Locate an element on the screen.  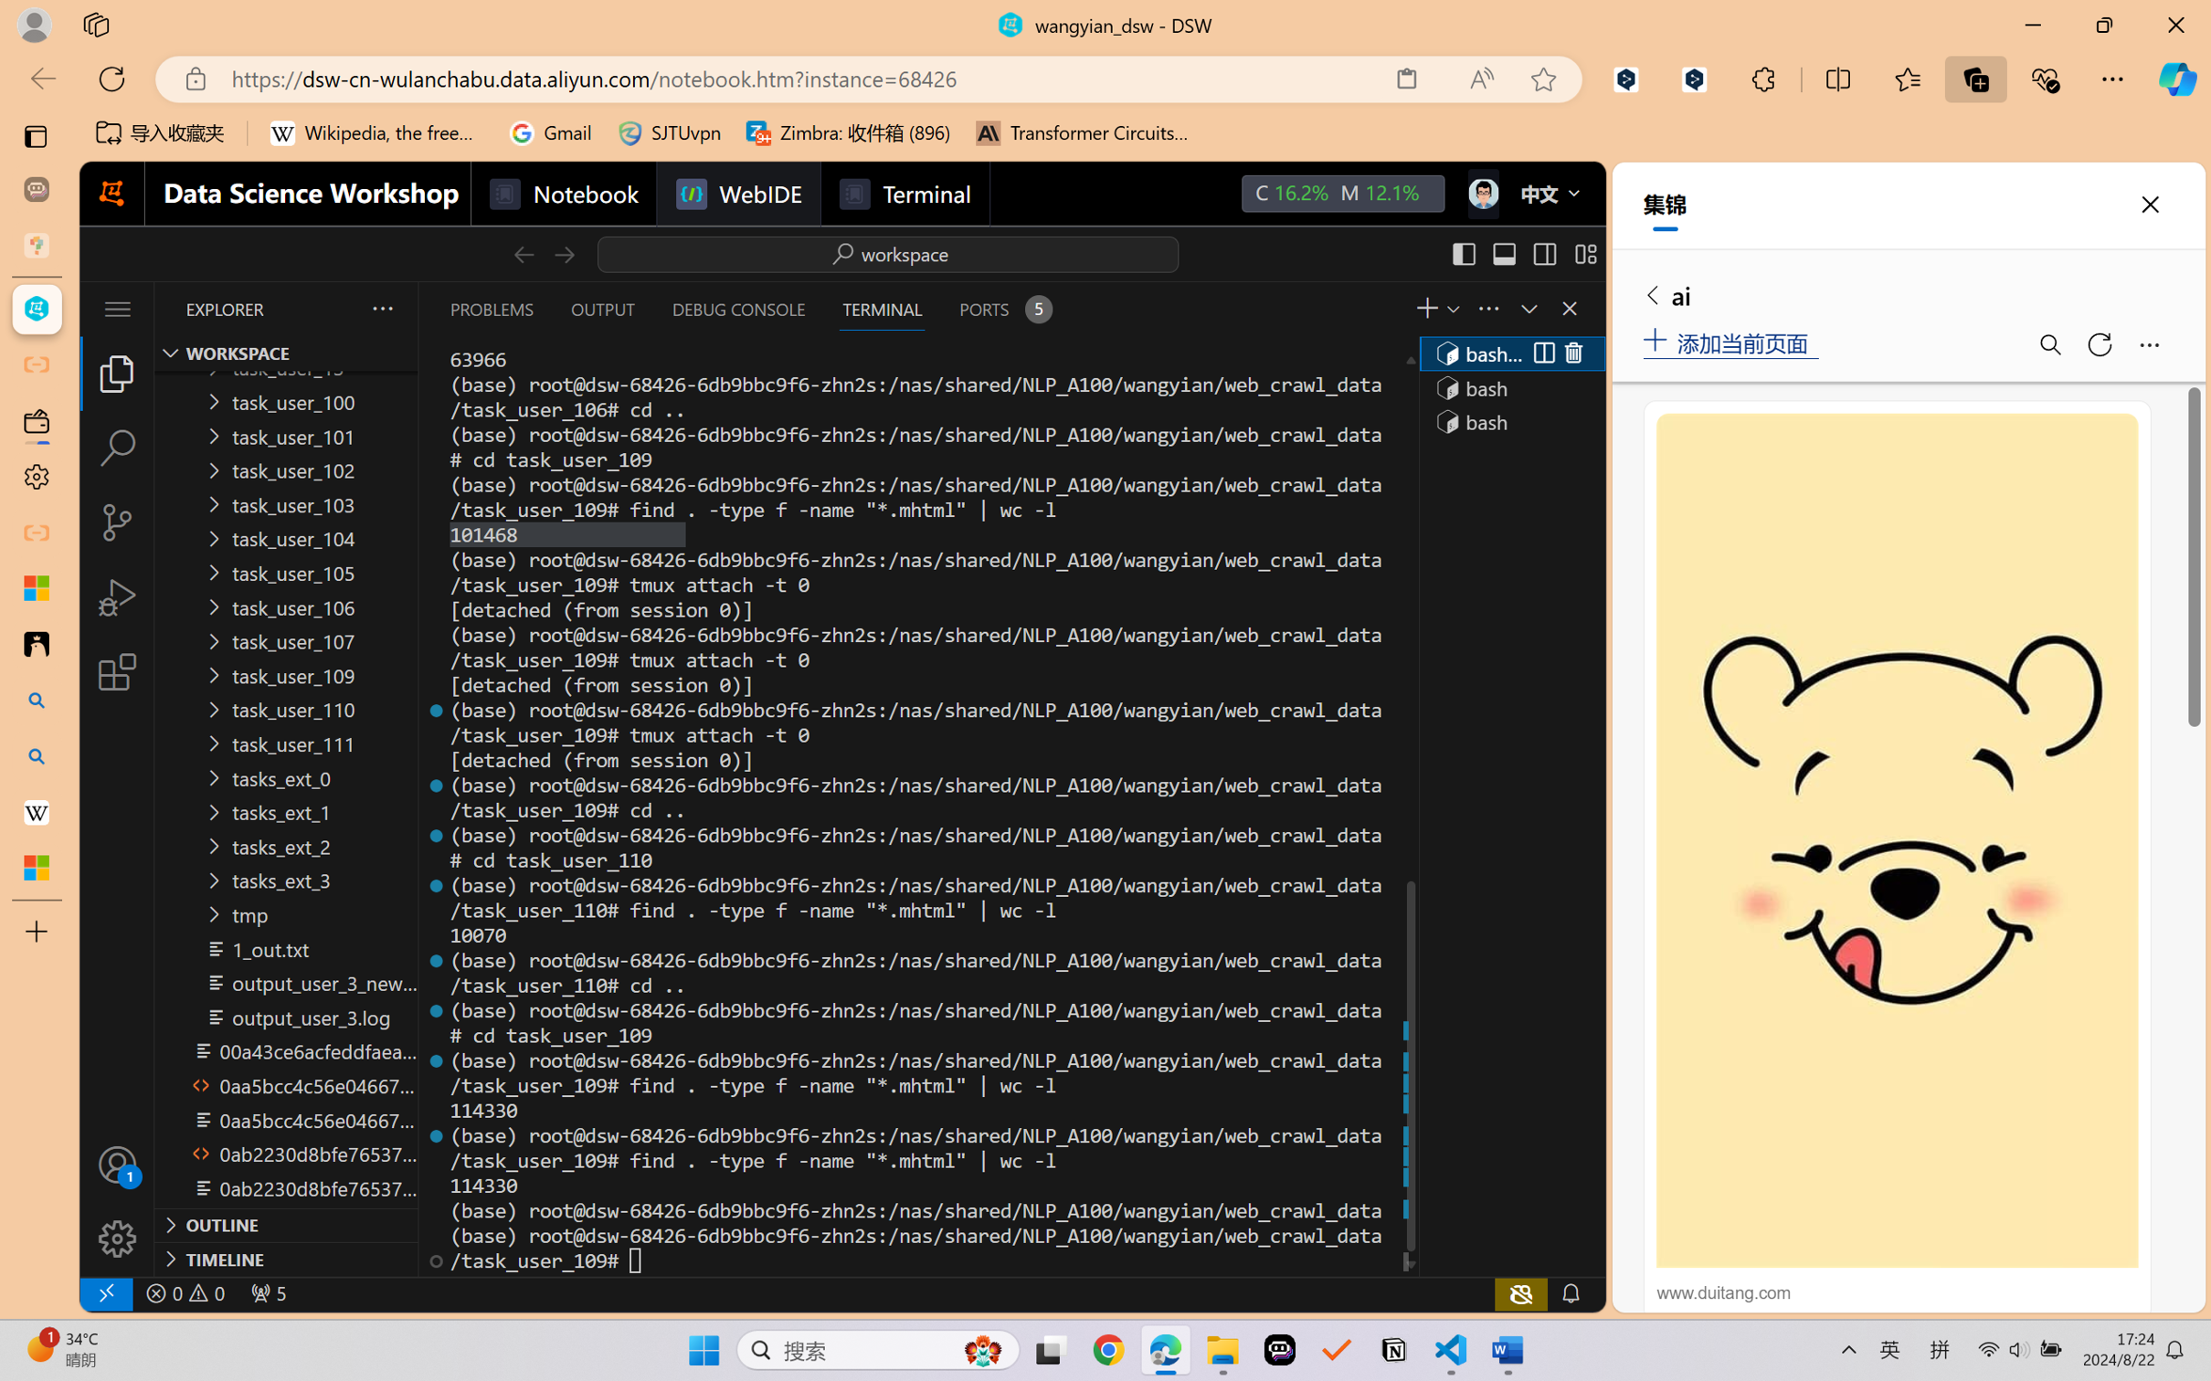
'Explorer actions' is located at coordinates (337, 308).